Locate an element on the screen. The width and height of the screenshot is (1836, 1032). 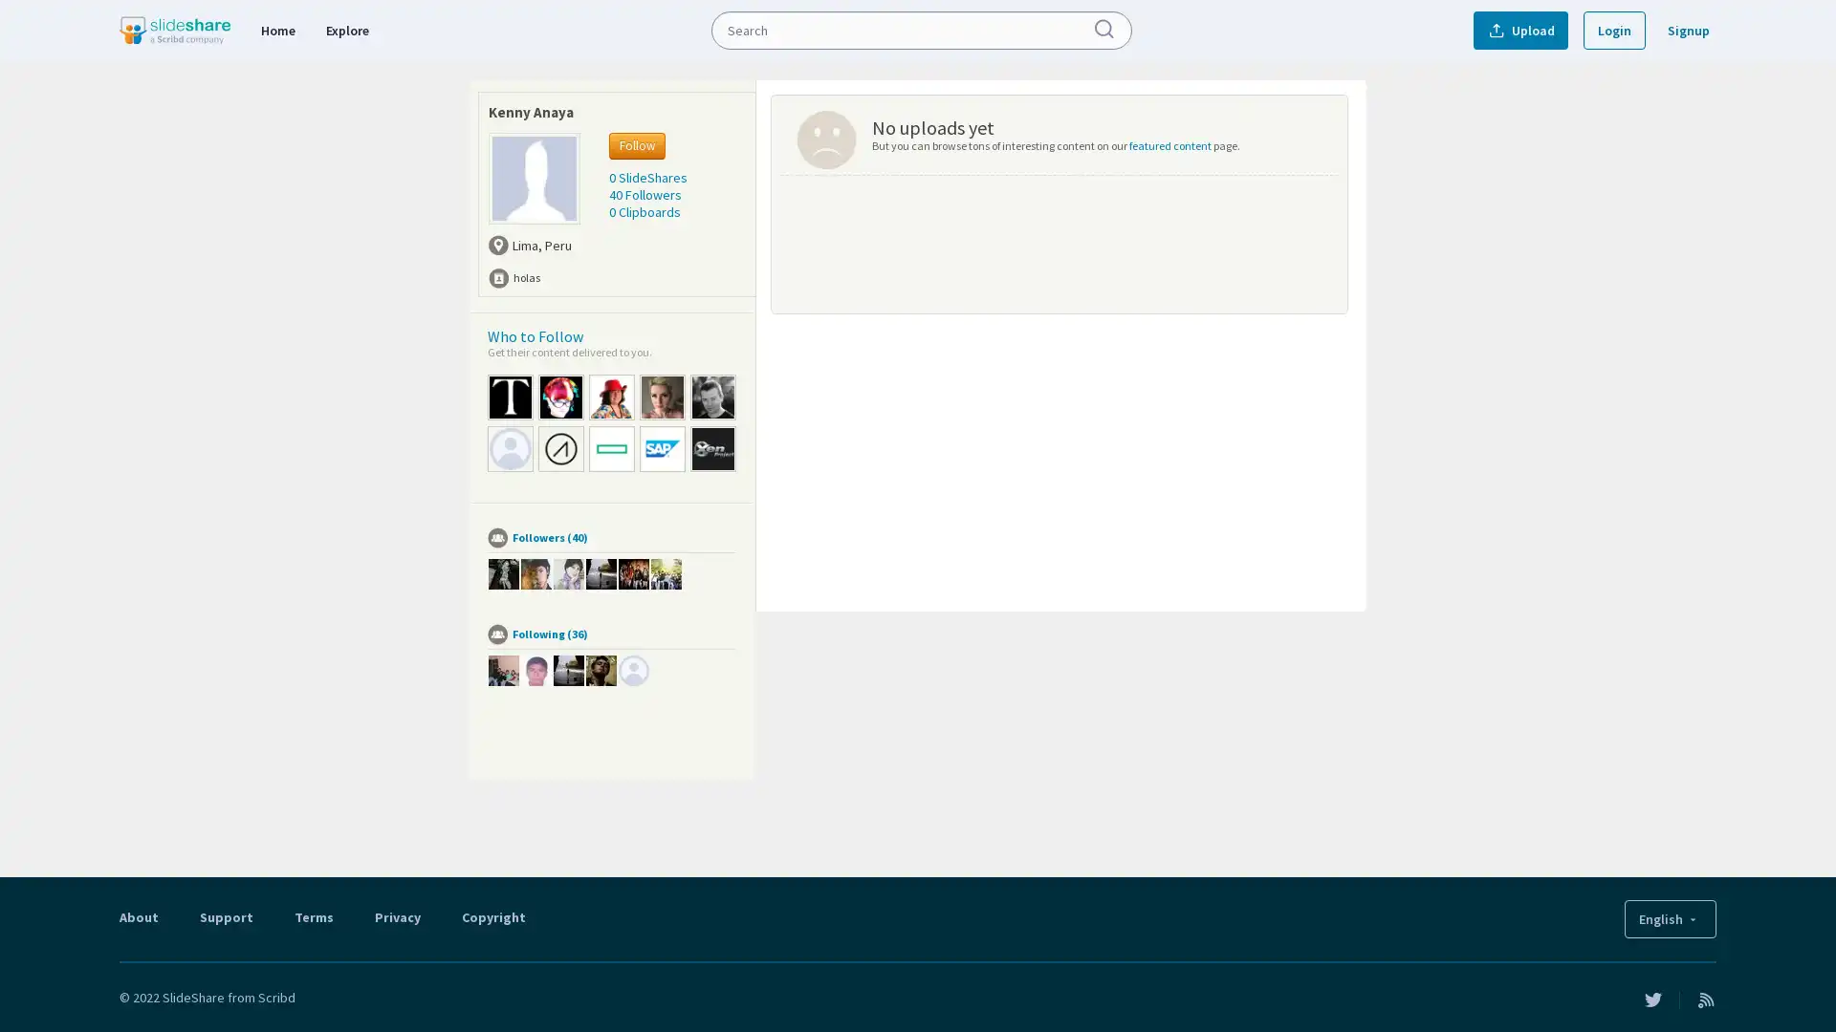
English is located at coordinates (1670, 917).